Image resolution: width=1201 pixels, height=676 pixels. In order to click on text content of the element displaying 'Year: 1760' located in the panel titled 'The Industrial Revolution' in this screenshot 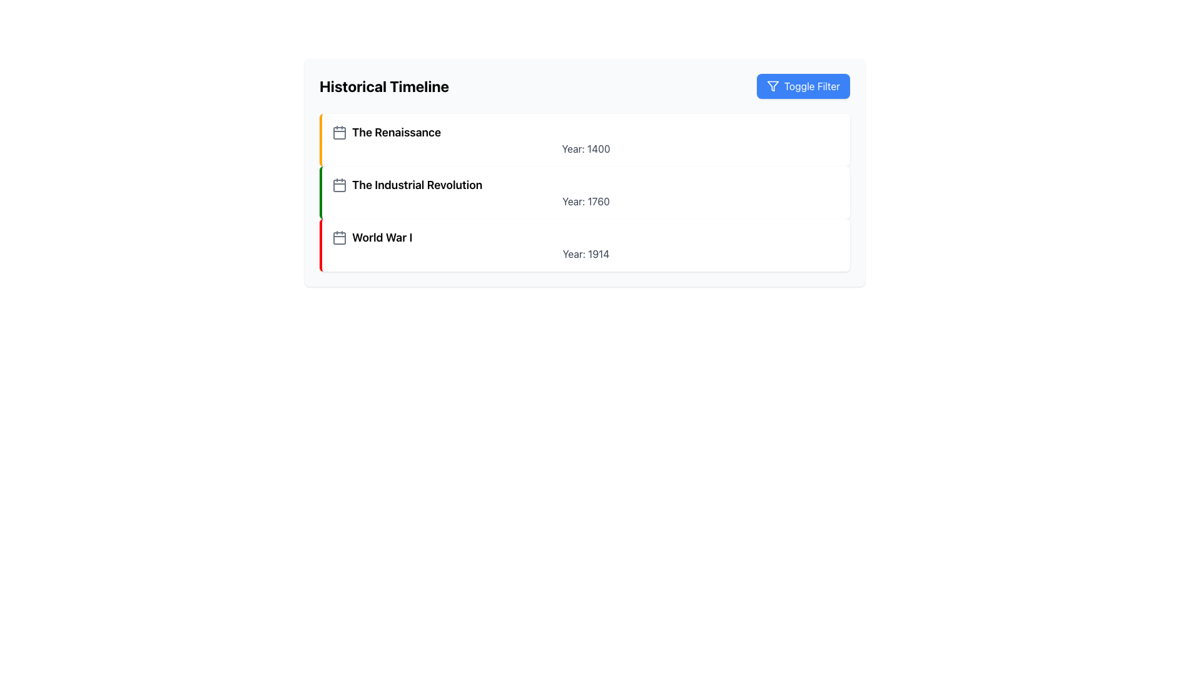, I will do `click(585, 200)`.